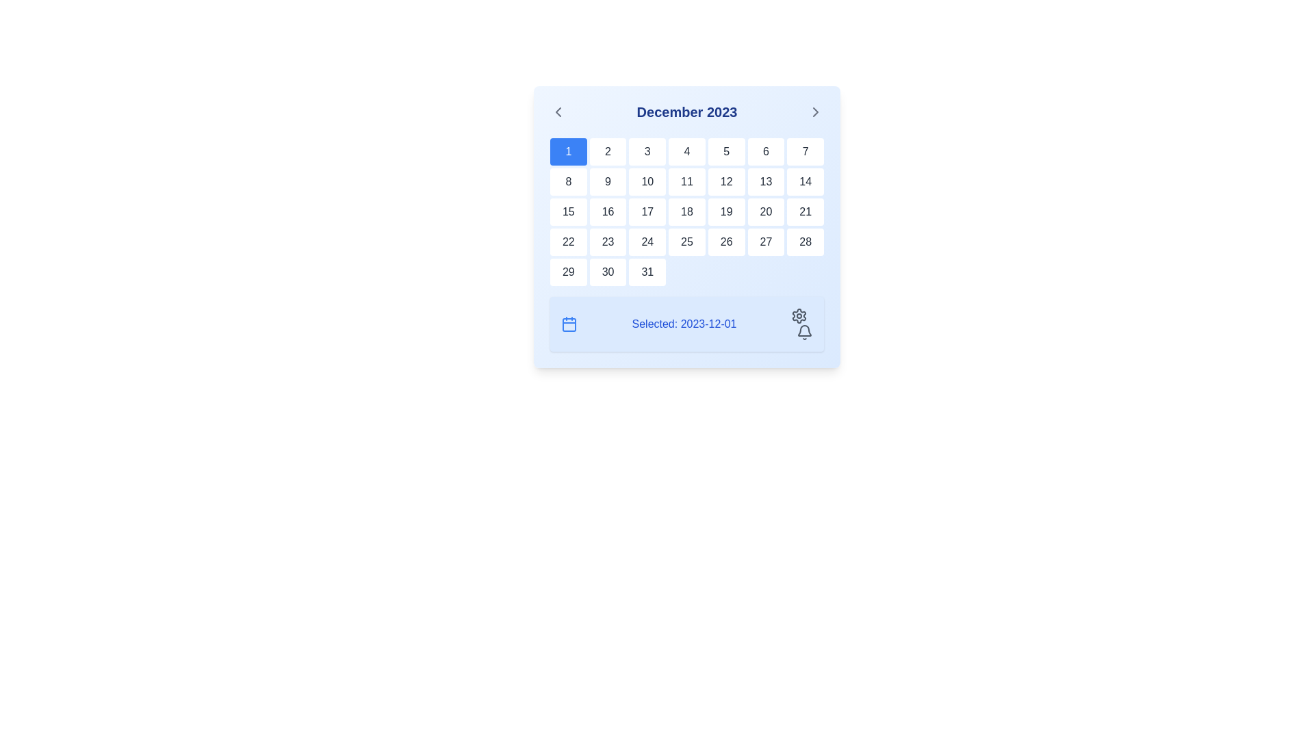  I want to click on the clickable calendar day button labeled '12' for keyboard navigation, so click(725, 181).